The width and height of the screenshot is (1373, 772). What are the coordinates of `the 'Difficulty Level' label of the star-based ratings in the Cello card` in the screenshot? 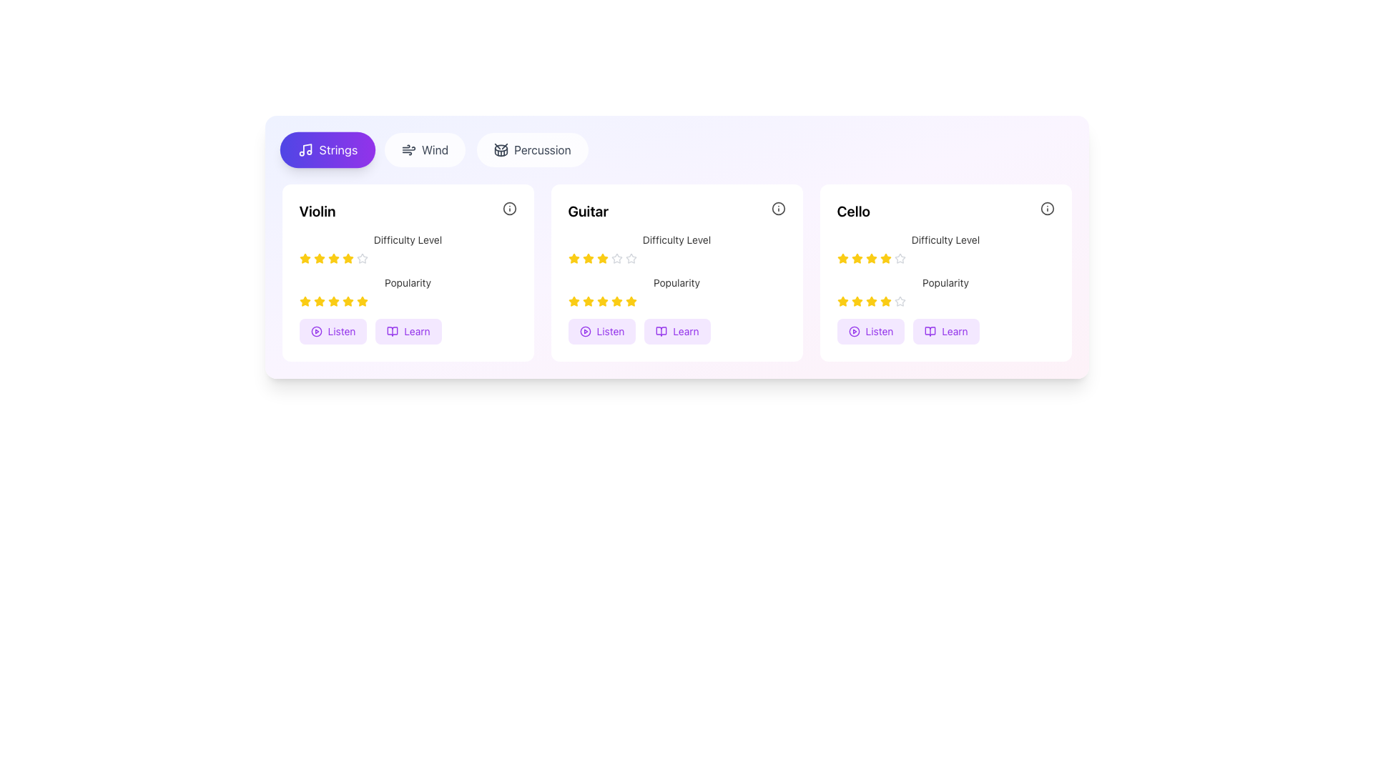 It's located at (945, 247).